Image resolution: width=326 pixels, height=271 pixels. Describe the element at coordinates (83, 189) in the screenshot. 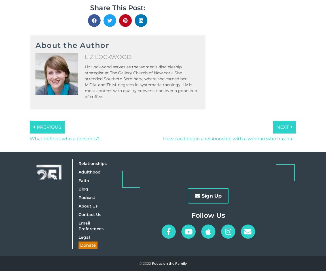

I see `'Blog'` at that location.